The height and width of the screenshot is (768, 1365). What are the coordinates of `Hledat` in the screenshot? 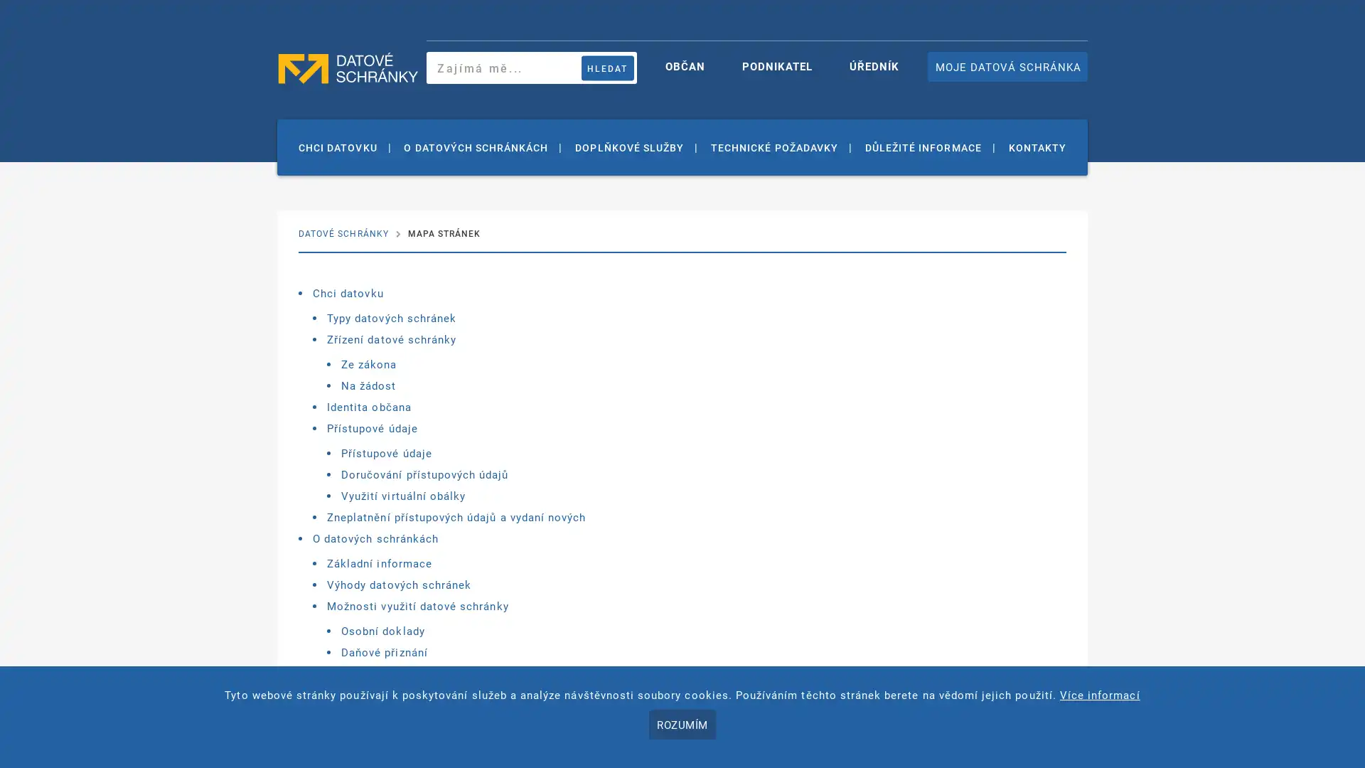 It's located at (607, 68).